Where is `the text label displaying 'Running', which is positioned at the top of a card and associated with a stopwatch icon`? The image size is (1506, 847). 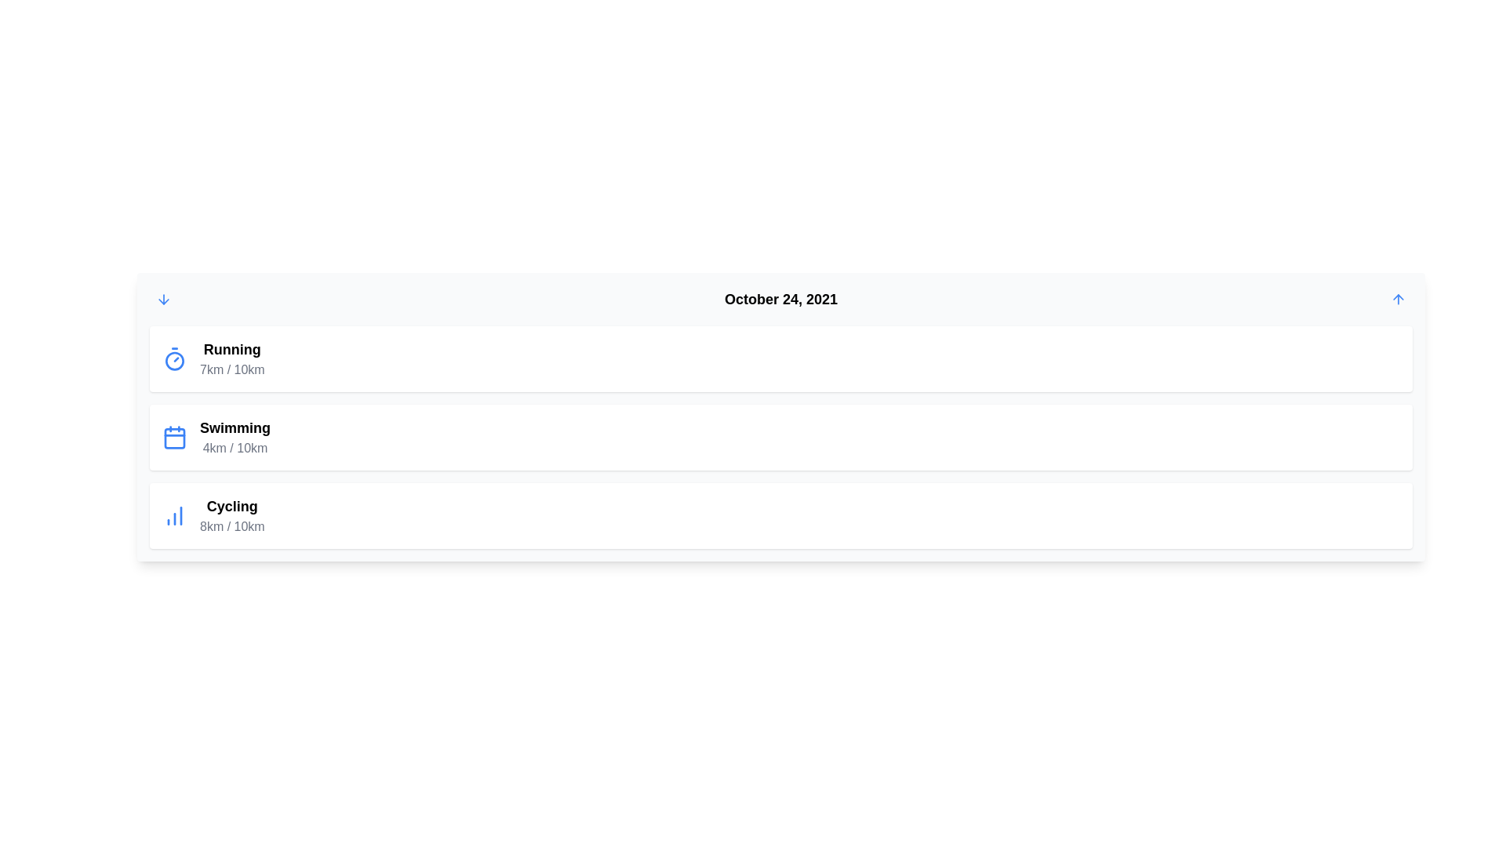
the text label displaying 'Running', which is positioned at the top of a card and associated with a stopwatch icon is located at coordinates (231, 349).